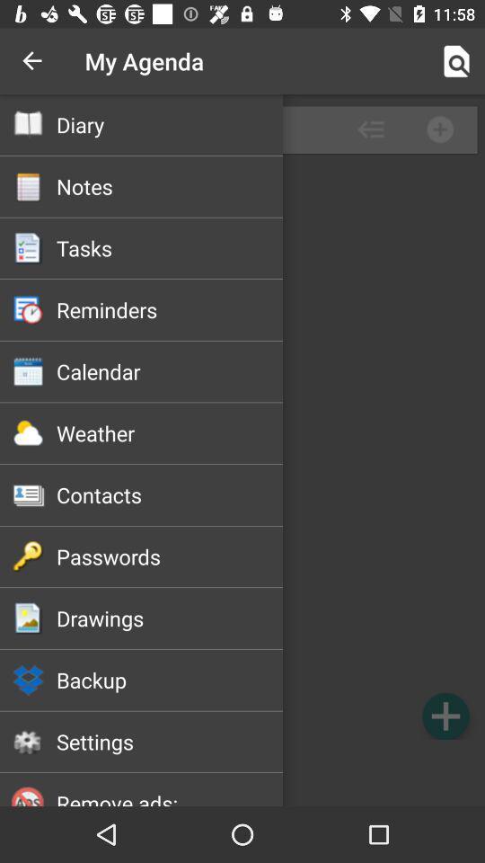 The image size is (485, 863). What do you see at coordinates (170, 618) in the screenshot?
I see `item above backup` at bounding box center [170, 618].